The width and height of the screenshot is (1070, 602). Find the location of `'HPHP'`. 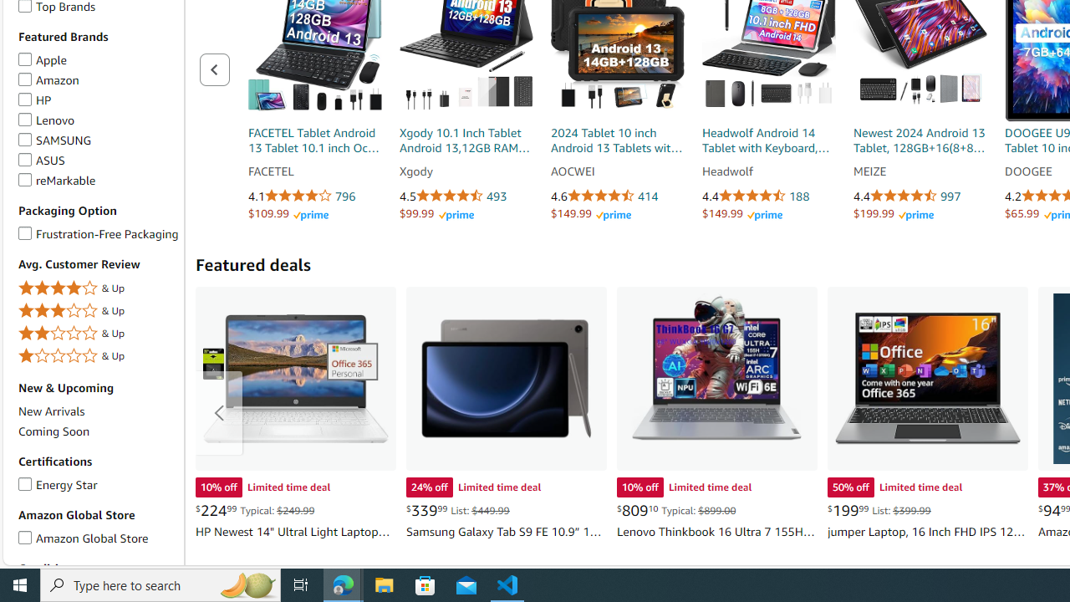

'HPHP' is located at coordinates (97, 100).